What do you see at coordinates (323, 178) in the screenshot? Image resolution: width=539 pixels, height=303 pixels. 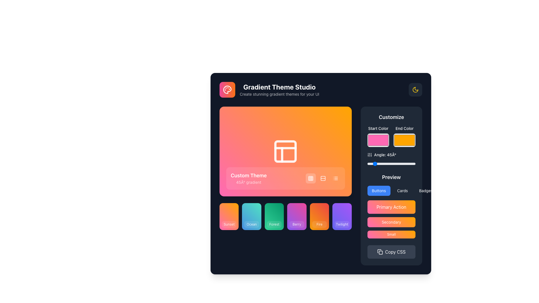 I see `the second button in the row of three buttons in the lower-right portion of the 'Custom Theme' section` at bounding box center [323, 178].